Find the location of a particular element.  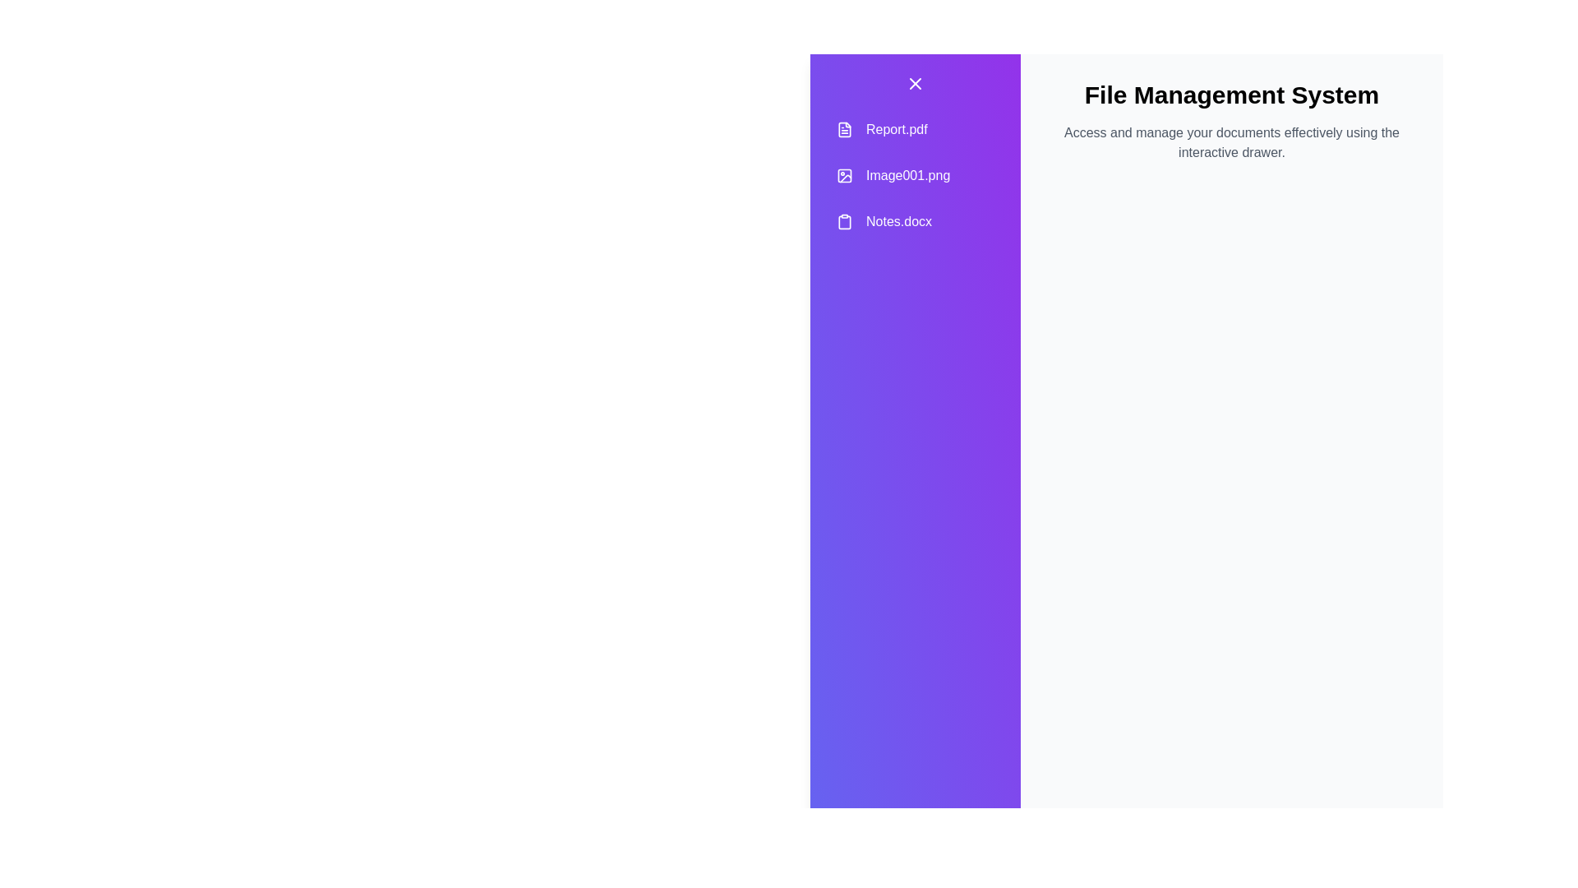

the close button to toggle the visibility of the drawer is located at coordinates (914, 83).